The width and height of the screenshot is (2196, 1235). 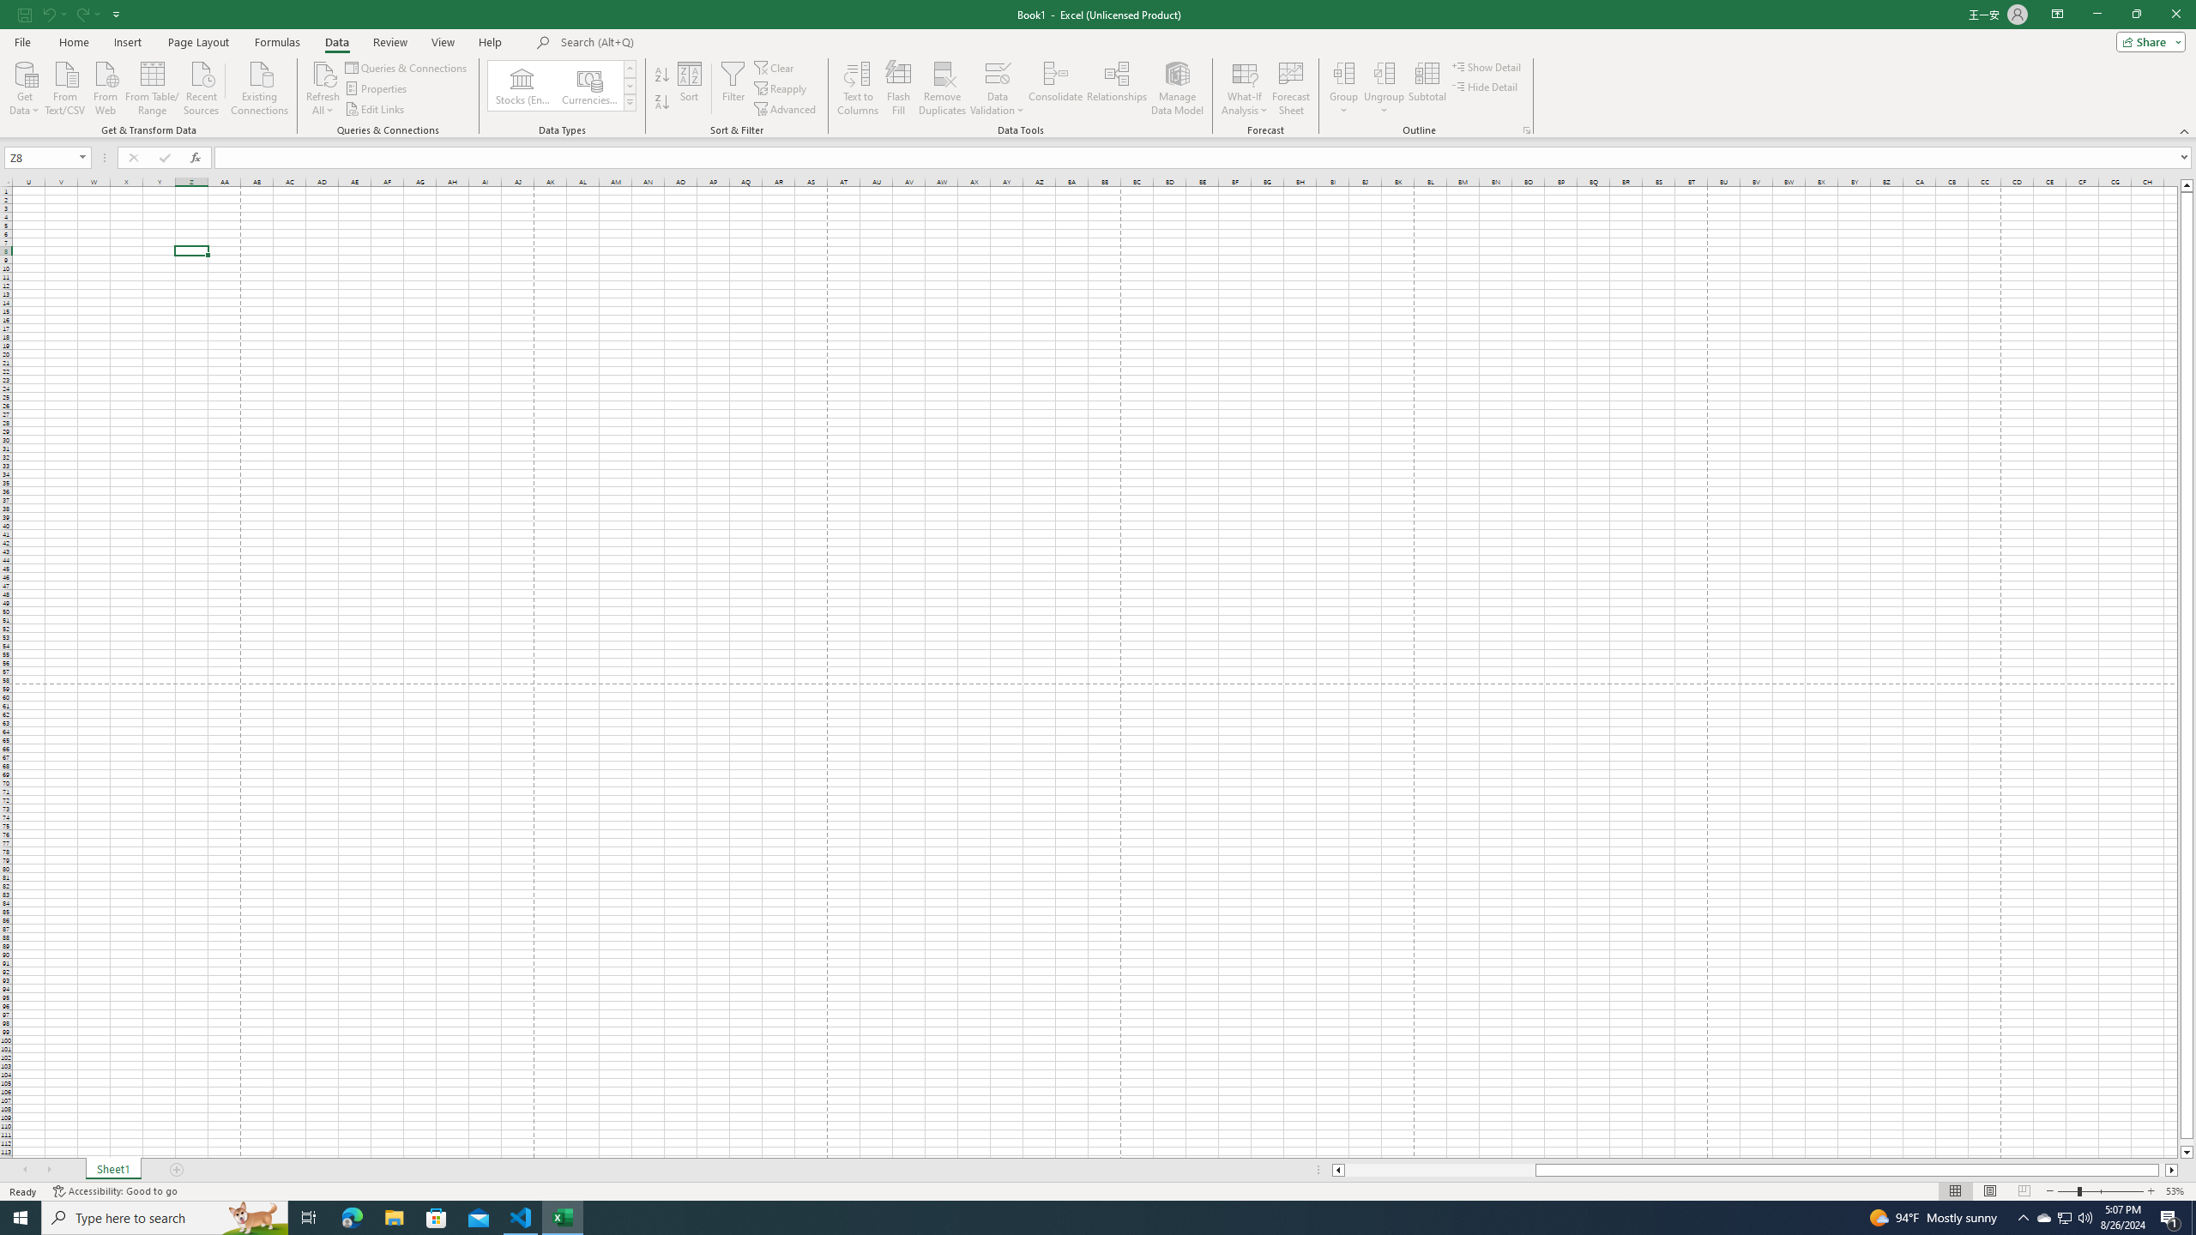 I want to click on 'Reapply', so click(x=781, y=88).